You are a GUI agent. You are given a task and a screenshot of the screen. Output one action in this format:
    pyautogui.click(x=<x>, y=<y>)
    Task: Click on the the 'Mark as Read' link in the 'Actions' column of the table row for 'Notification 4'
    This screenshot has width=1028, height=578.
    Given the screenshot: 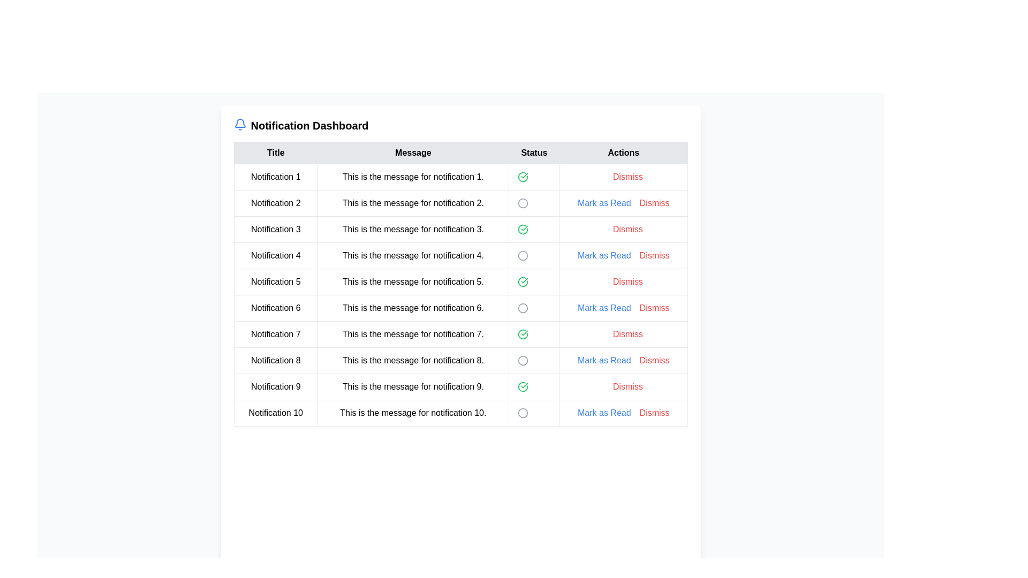 What is the action you would take?
    pyautogui.click(x=604, y=256)
    